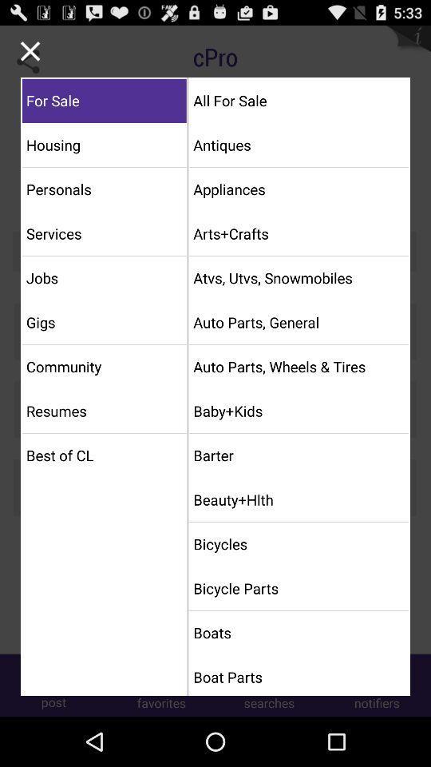 The width and height of the screenshot is (431, 767). What do you see at coordinates (104, 410) in the screenshot?
I see `the resumes` at bounding box center [104, 410].